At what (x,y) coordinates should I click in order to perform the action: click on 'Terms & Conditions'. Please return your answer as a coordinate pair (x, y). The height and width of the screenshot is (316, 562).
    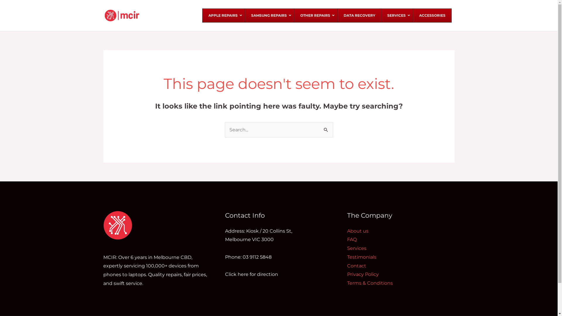
    Looking at the image, I should click on (369, 283).